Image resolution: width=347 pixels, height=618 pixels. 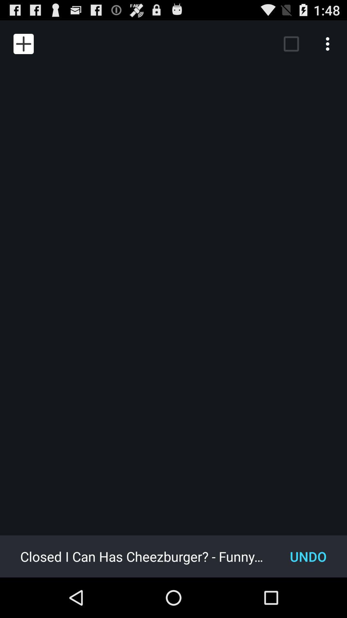 I want to click on the item to the right of the closed i can item, so click(x=308, y=556).